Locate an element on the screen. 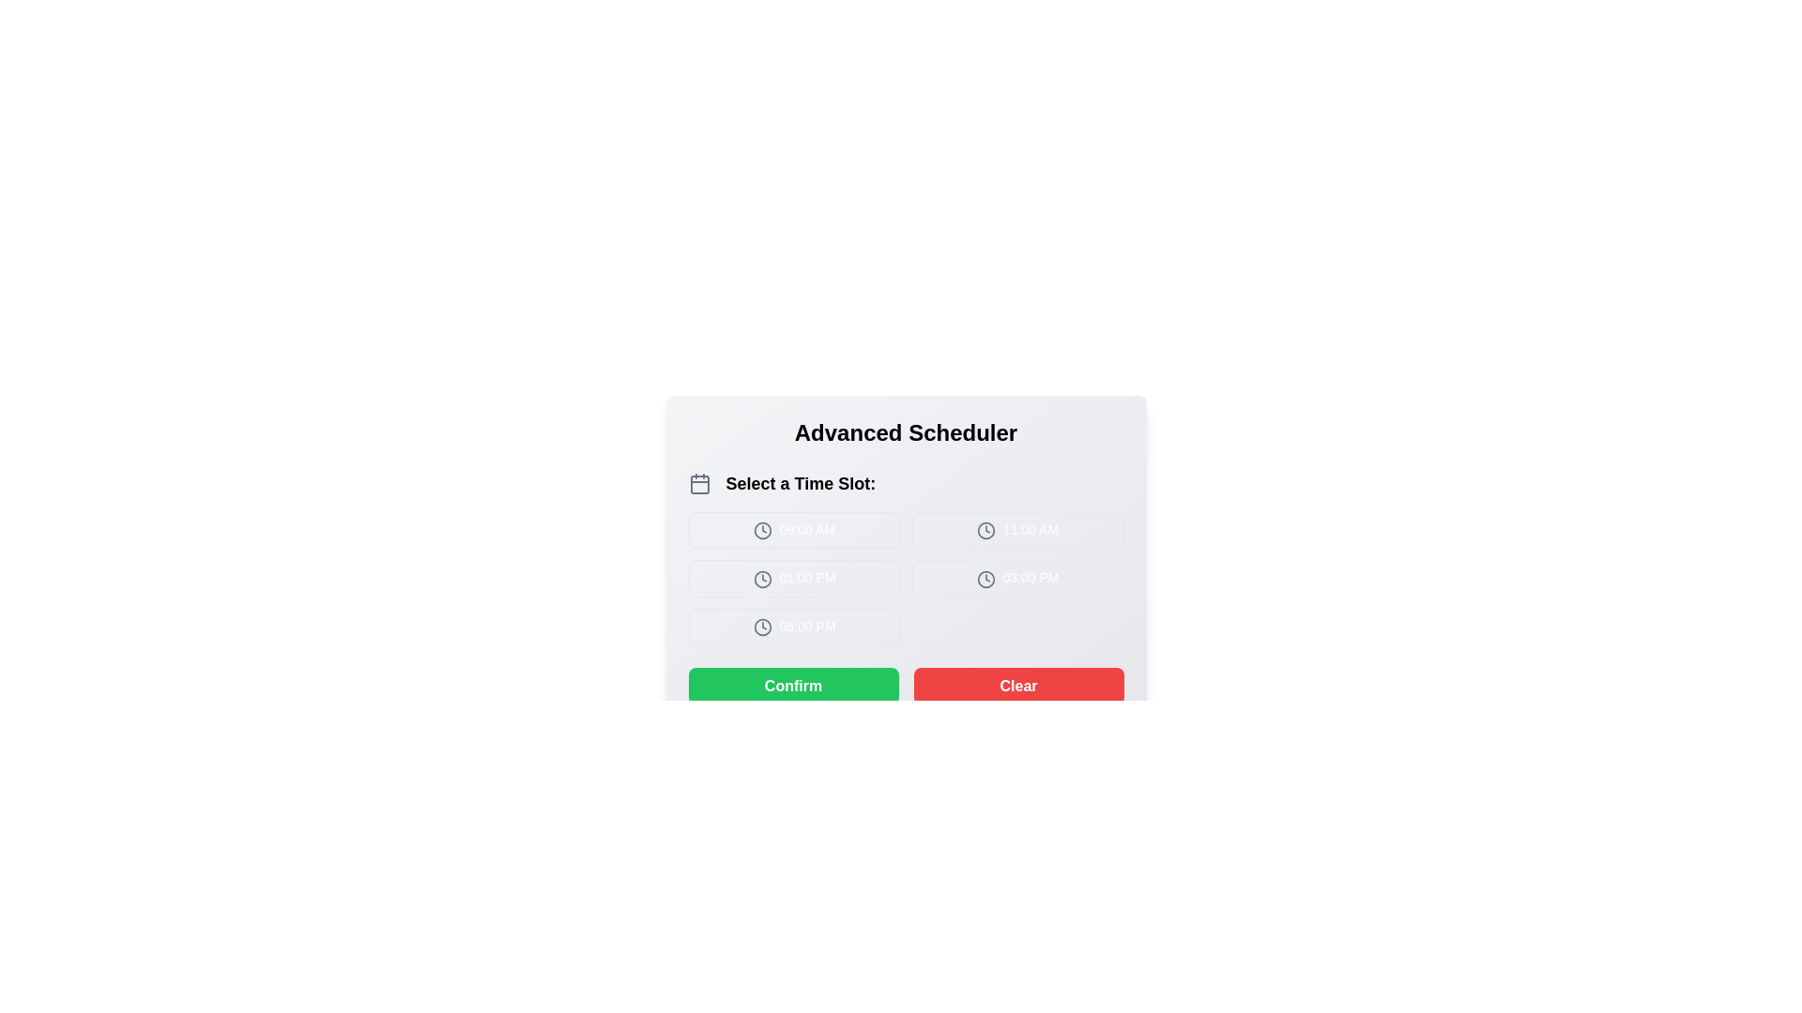 The width and height of the screenshot is (1802, 1013). the bottom-left button is located at coordinates (794, 627).